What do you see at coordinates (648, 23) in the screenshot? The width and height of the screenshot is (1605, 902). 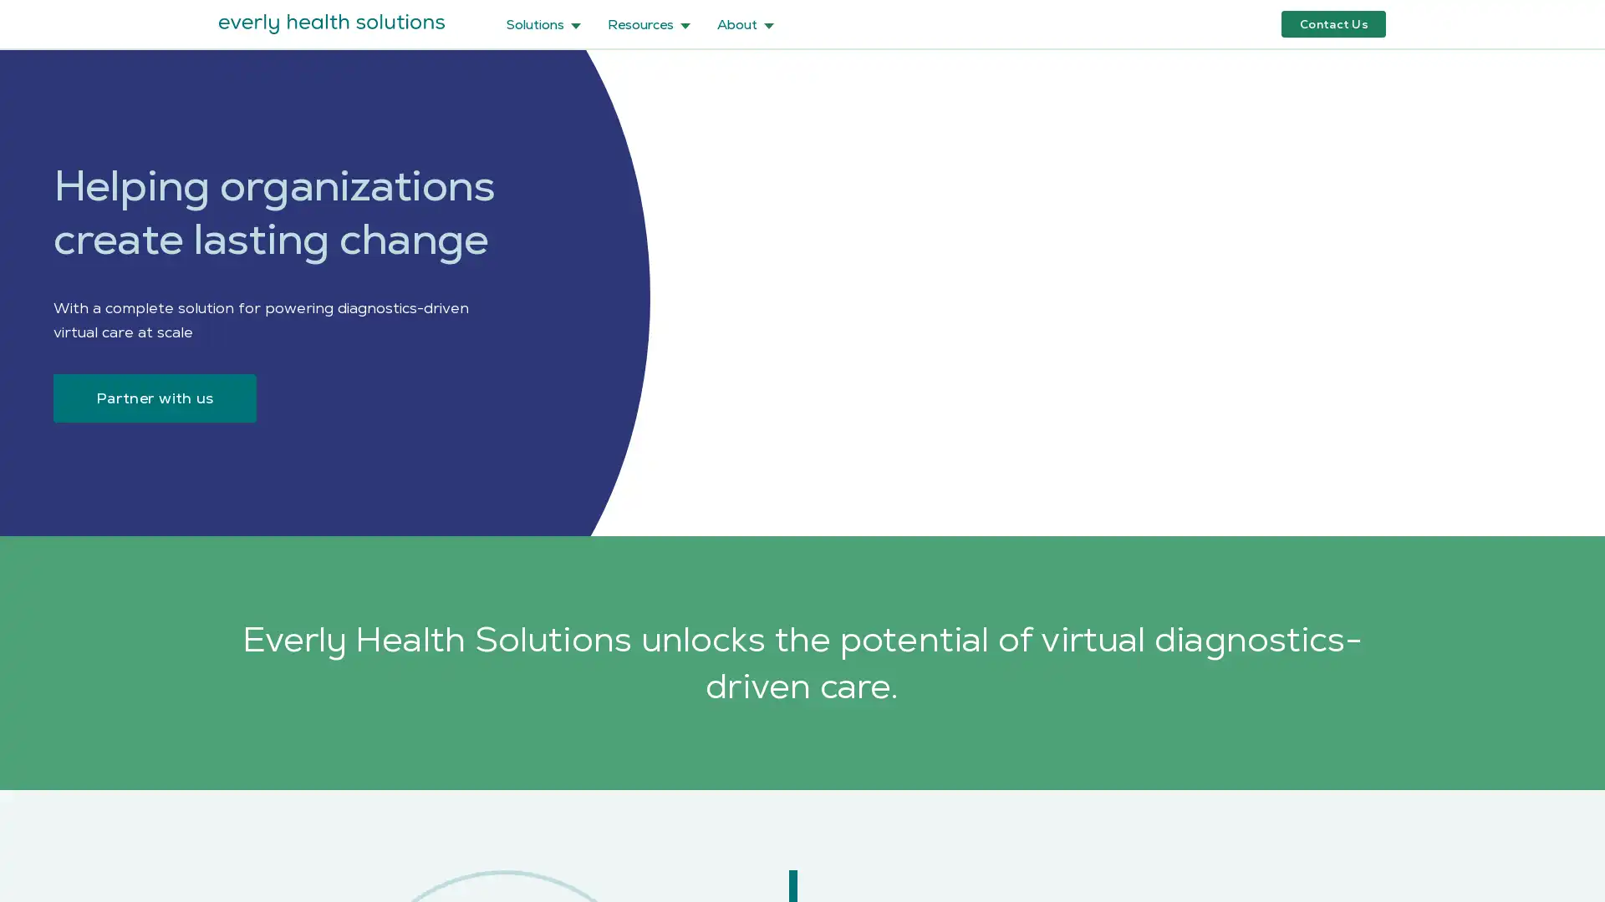 I see `Resources Caret icon for dropdown menu` at bounding box center [648, 23].